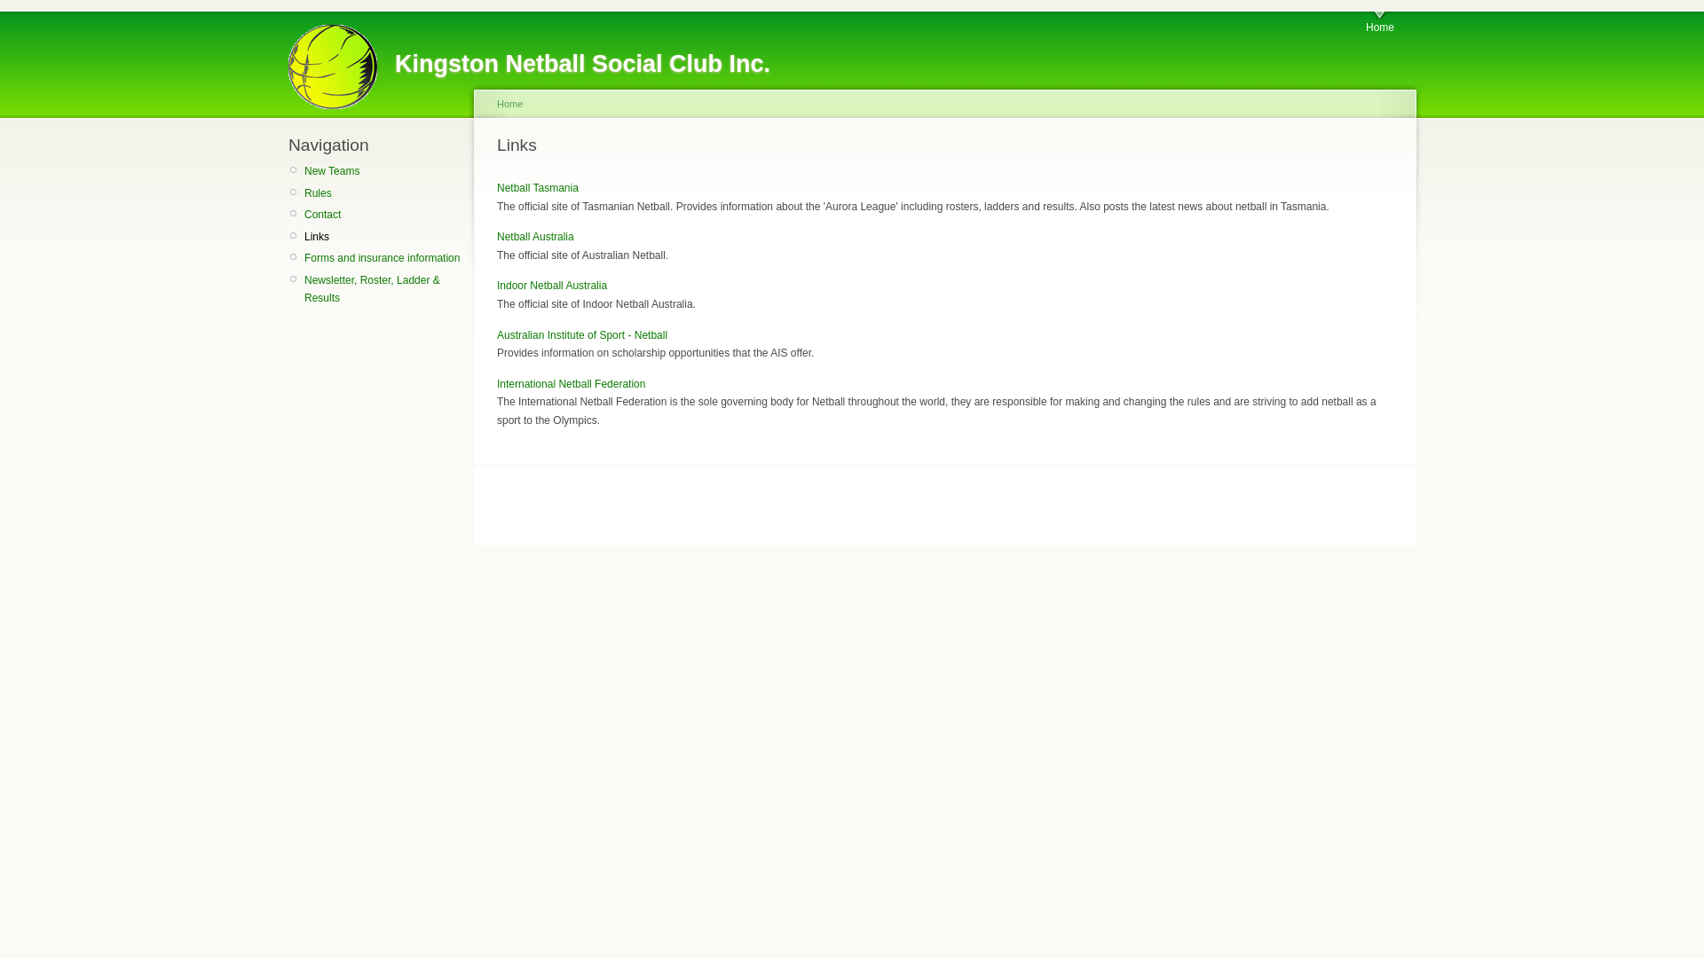  I want to click on 'Newsletter, Roster, Ladder & Results', so click(382, 288).